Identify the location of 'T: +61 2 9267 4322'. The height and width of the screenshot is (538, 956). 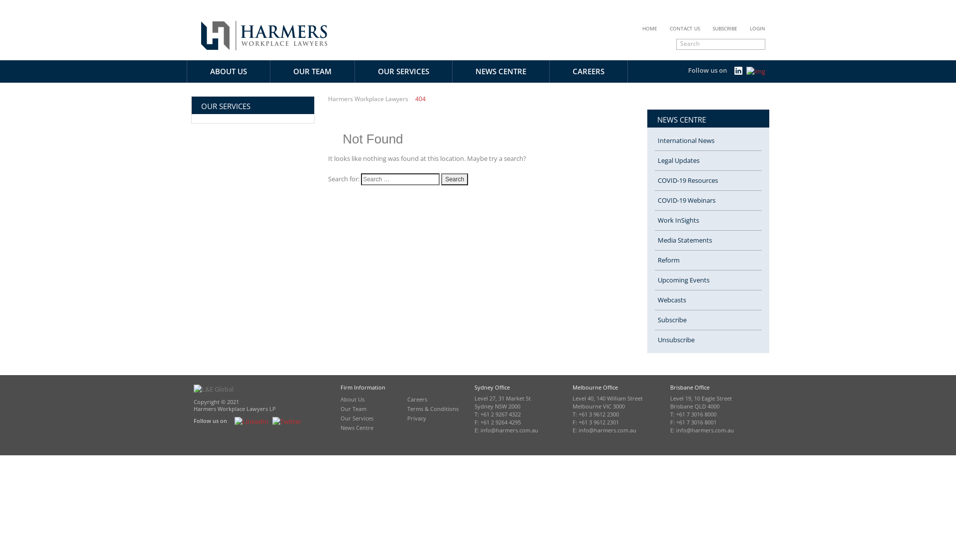
(497, 414).